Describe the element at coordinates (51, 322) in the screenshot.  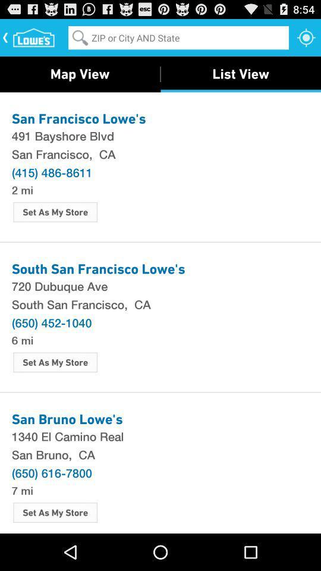
I see `(650) 452-1040 item` at that location.